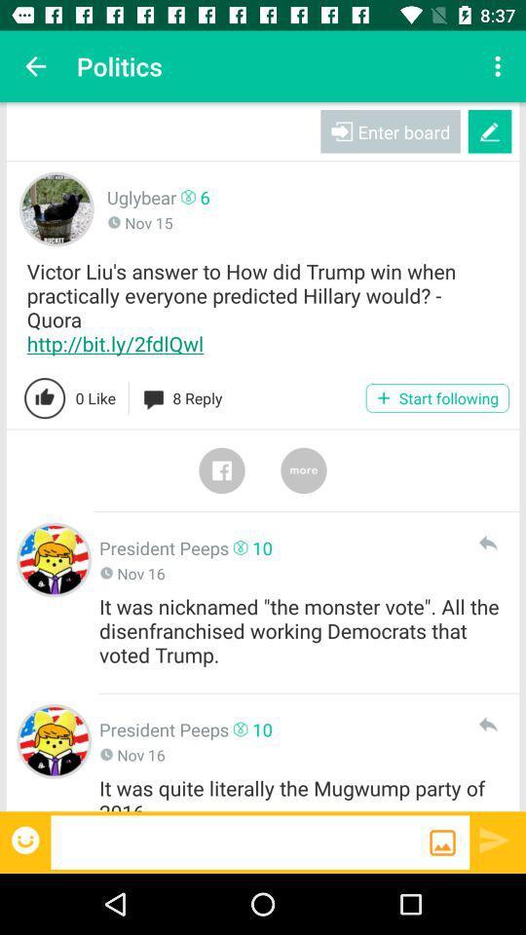  What do you see at coordinates (486, 724) in the screenshot?
I see `reply to status` at bounding box center [486, 724].